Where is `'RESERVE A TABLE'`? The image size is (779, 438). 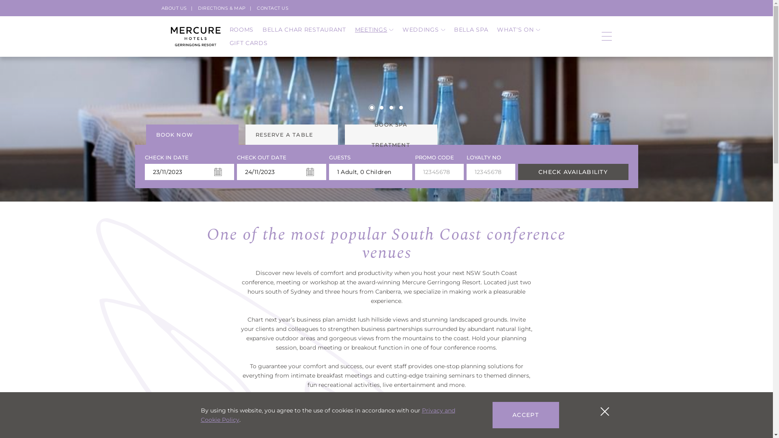
'RESERVE A TABLE' is located at coordinates (245, 134).